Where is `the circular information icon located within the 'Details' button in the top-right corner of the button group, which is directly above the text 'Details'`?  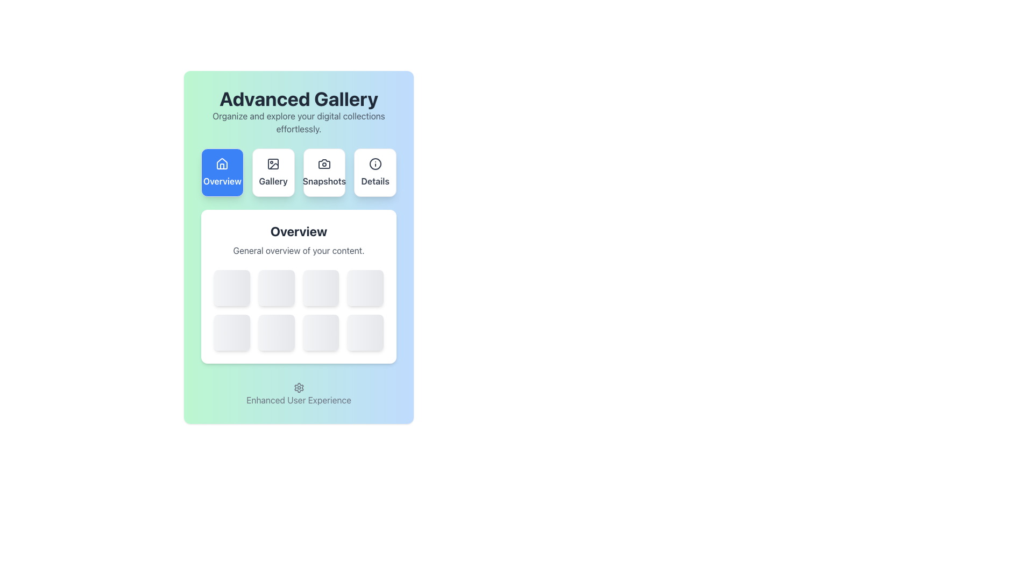
the circular information icon located within the 'Details' button in the top-right corner of the button group, which is directly above the text 'Details' is located at coordinates (375, 164).